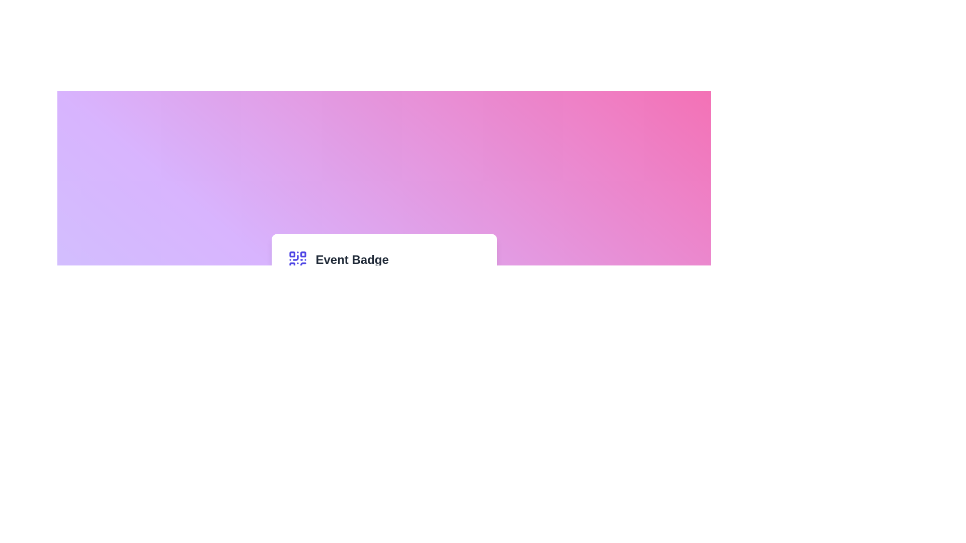 Image resolution: width=966 pixels, height=543 pixels. What do you see at coordinates (352, 259) in the screenshot?
I see `the static text label that indicates the purpose or section related to an event badge, located to the right of a QR code icon` at bounding box center [352, 259].